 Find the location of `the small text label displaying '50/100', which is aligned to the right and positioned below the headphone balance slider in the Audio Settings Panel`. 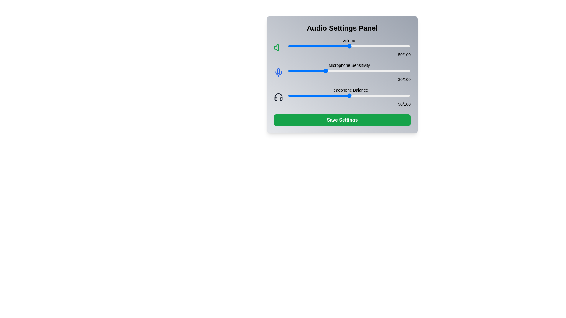

the small text label displaying '50/100', which is aligned to the right and positioned below the headphone balance slider in the Audio Settings Panel is located at coordinates (349, 104).